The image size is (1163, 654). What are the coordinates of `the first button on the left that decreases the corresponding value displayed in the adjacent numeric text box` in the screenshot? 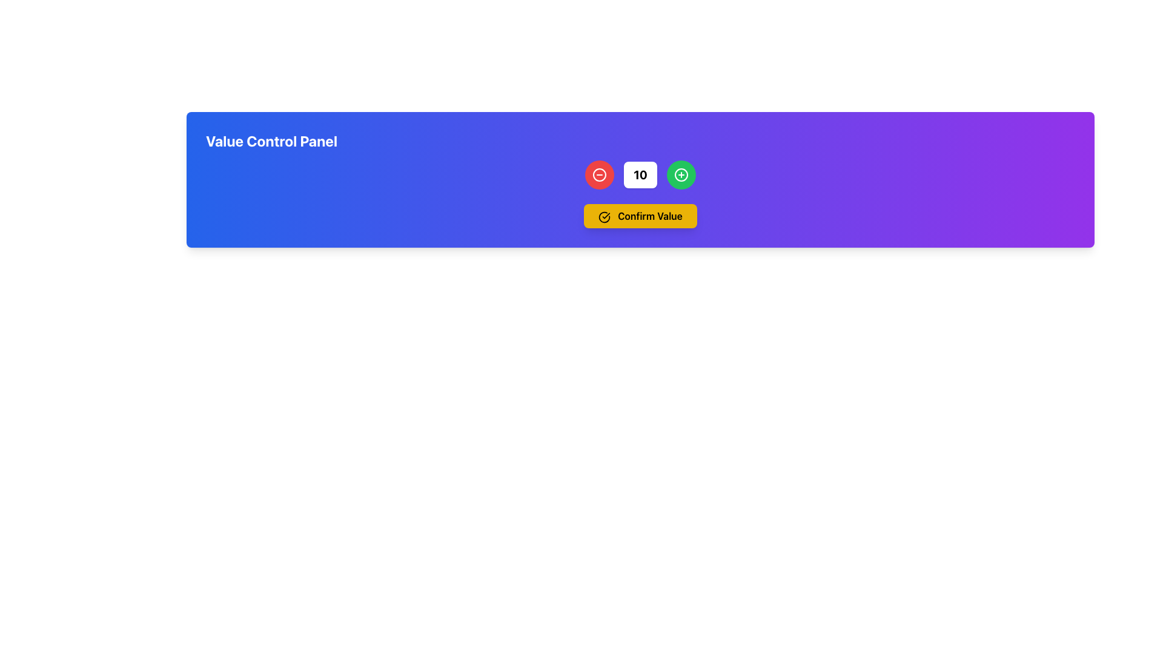 It's located at (600, 175).